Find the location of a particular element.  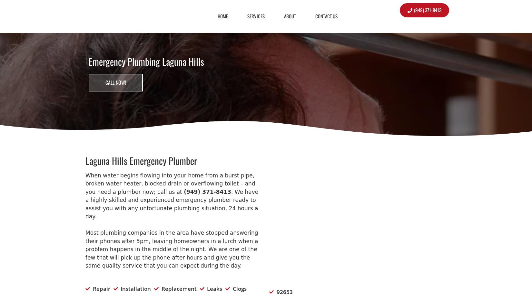

'Home' is located at coordinates (222, 15).